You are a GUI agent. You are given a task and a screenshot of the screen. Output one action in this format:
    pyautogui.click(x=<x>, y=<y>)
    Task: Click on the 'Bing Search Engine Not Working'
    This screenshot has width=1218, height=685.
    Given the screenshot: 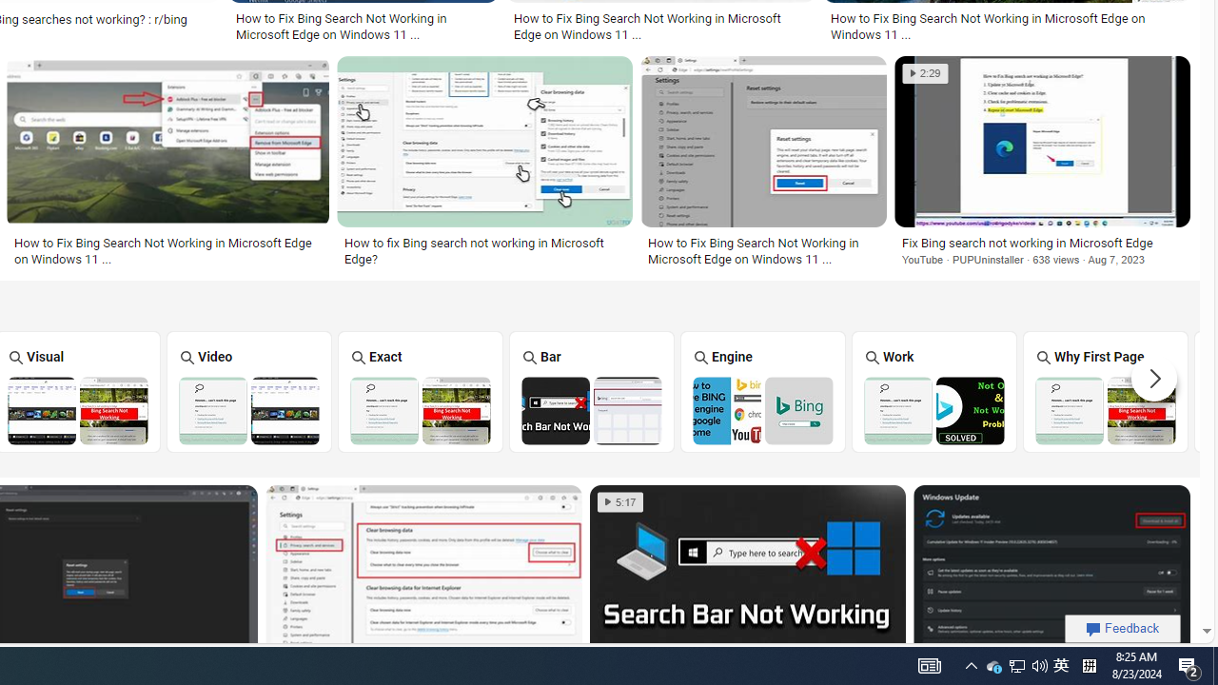 What is the action you would take?
    pyautogui.click(x=763, y=409)
    